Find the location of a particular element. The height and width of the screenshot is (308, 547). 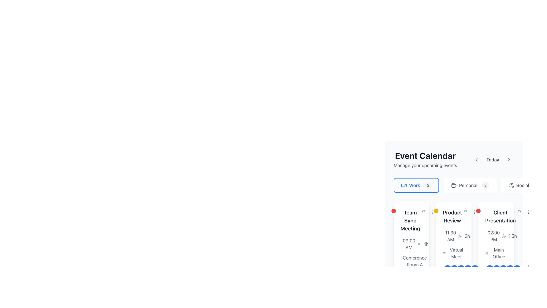

the icon group consisting of a bell icon and a vertical ellipsis icon located next to the 'Team Sync Meeting' title is located at coordinates (428, 212).